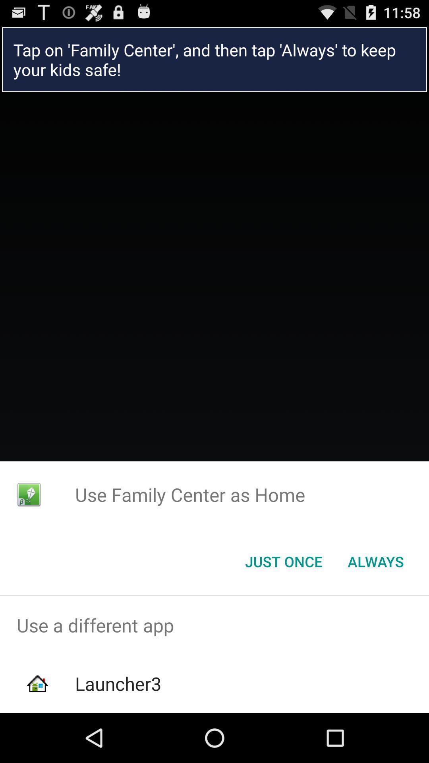 This screenshot has width=429, height=763. Describe the element at coordinates (283, 561) in the screenshot. I see `item below use family center item` at that location.